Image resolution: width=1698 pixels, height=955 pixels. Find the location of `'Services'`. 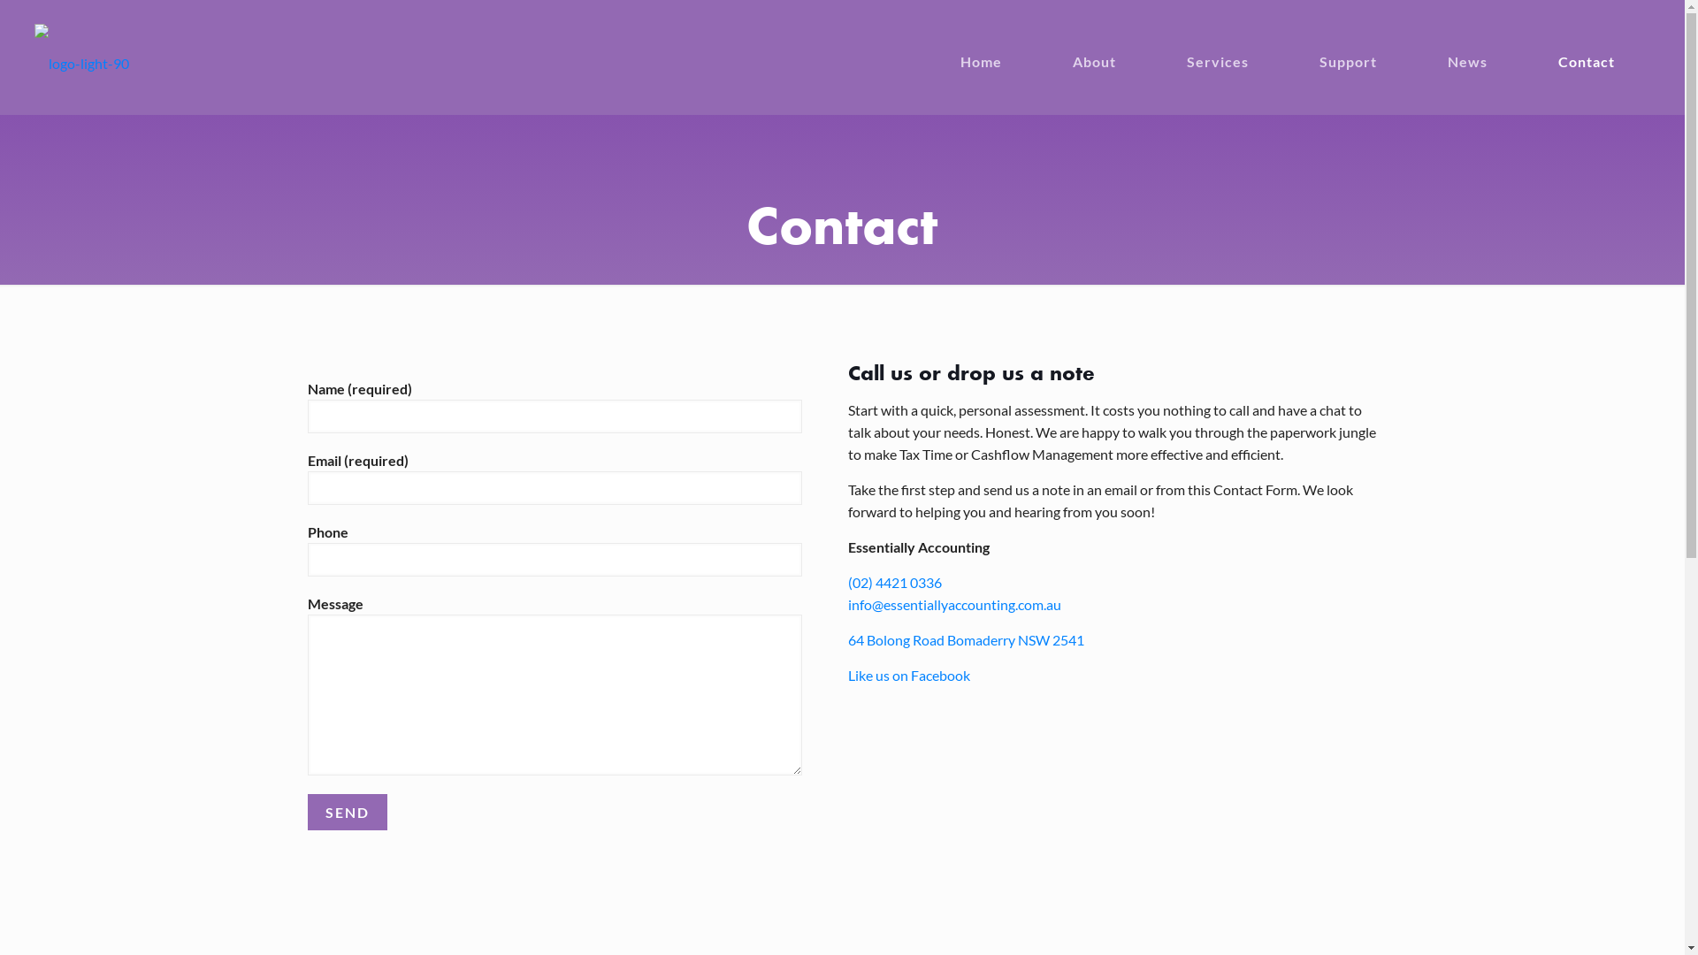

'Services' is located at coordinates (1234, 47).